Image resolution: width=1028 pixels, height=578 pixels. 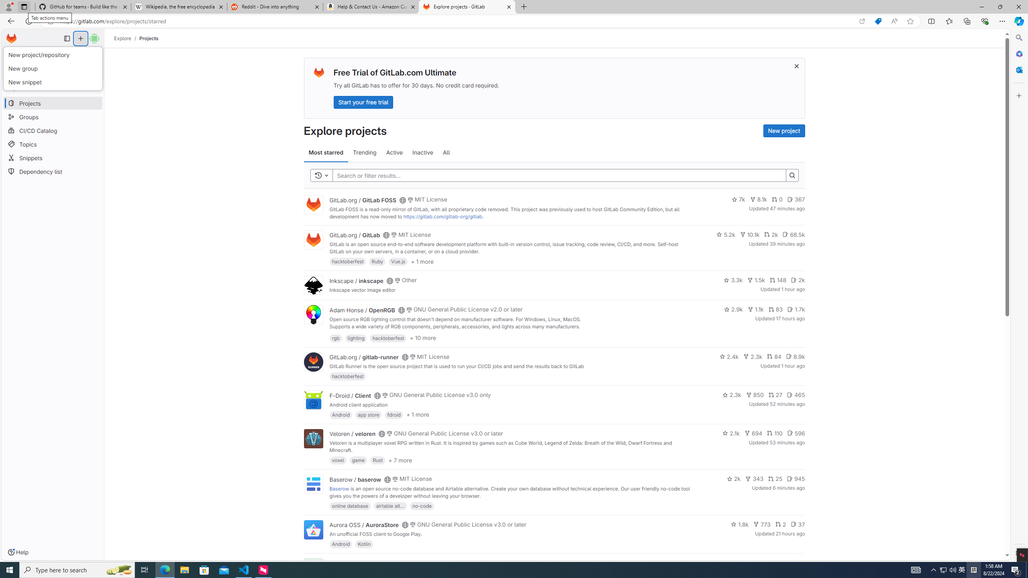 I want to click on 'Start your free trial', so click(x=363, y=102).